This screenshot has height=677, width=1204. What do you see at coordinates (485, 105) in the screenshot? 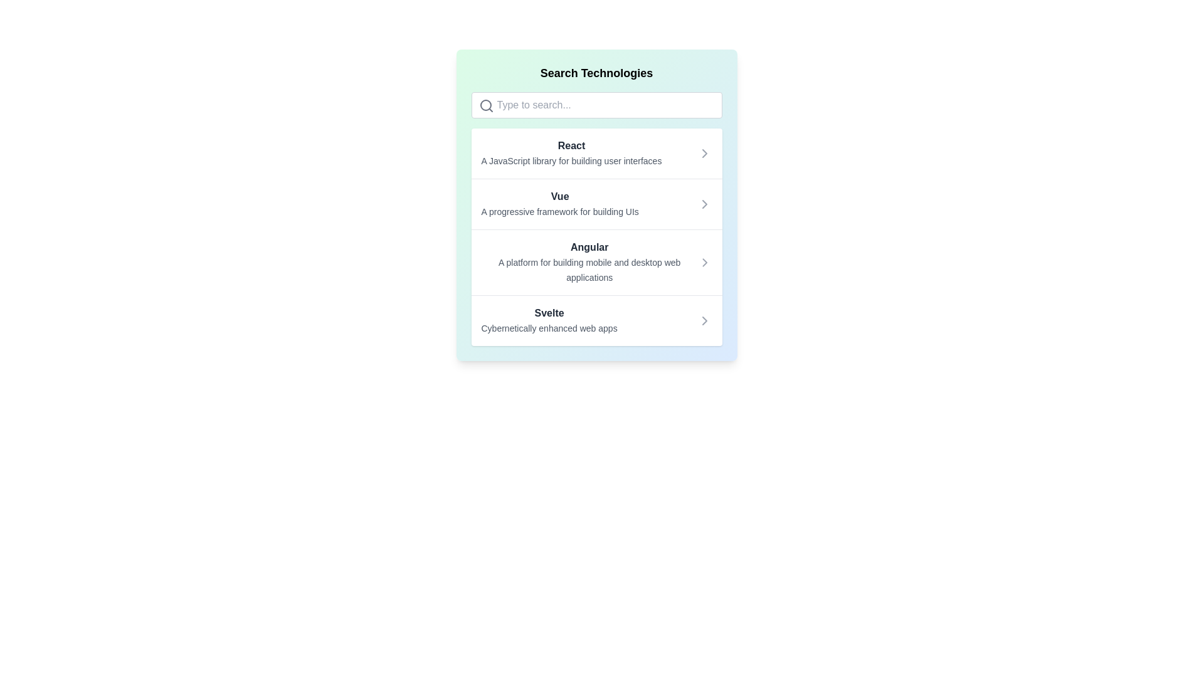
I see `the circular SVG element that represents the magnifying glass lens in the search icon located at the upper-left corner of the interface` at bounding box center [485, 105].